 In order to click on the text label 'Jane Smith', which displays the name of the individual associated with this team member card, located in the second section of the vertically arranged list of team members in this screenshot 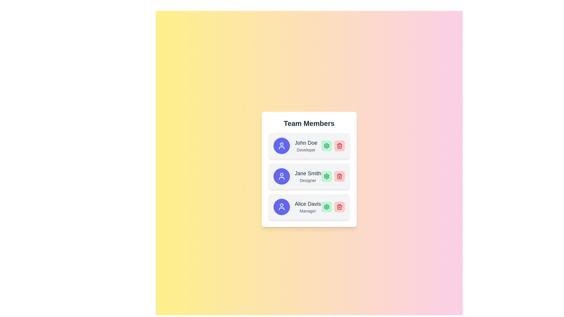, I will do `click(308, 173)`.